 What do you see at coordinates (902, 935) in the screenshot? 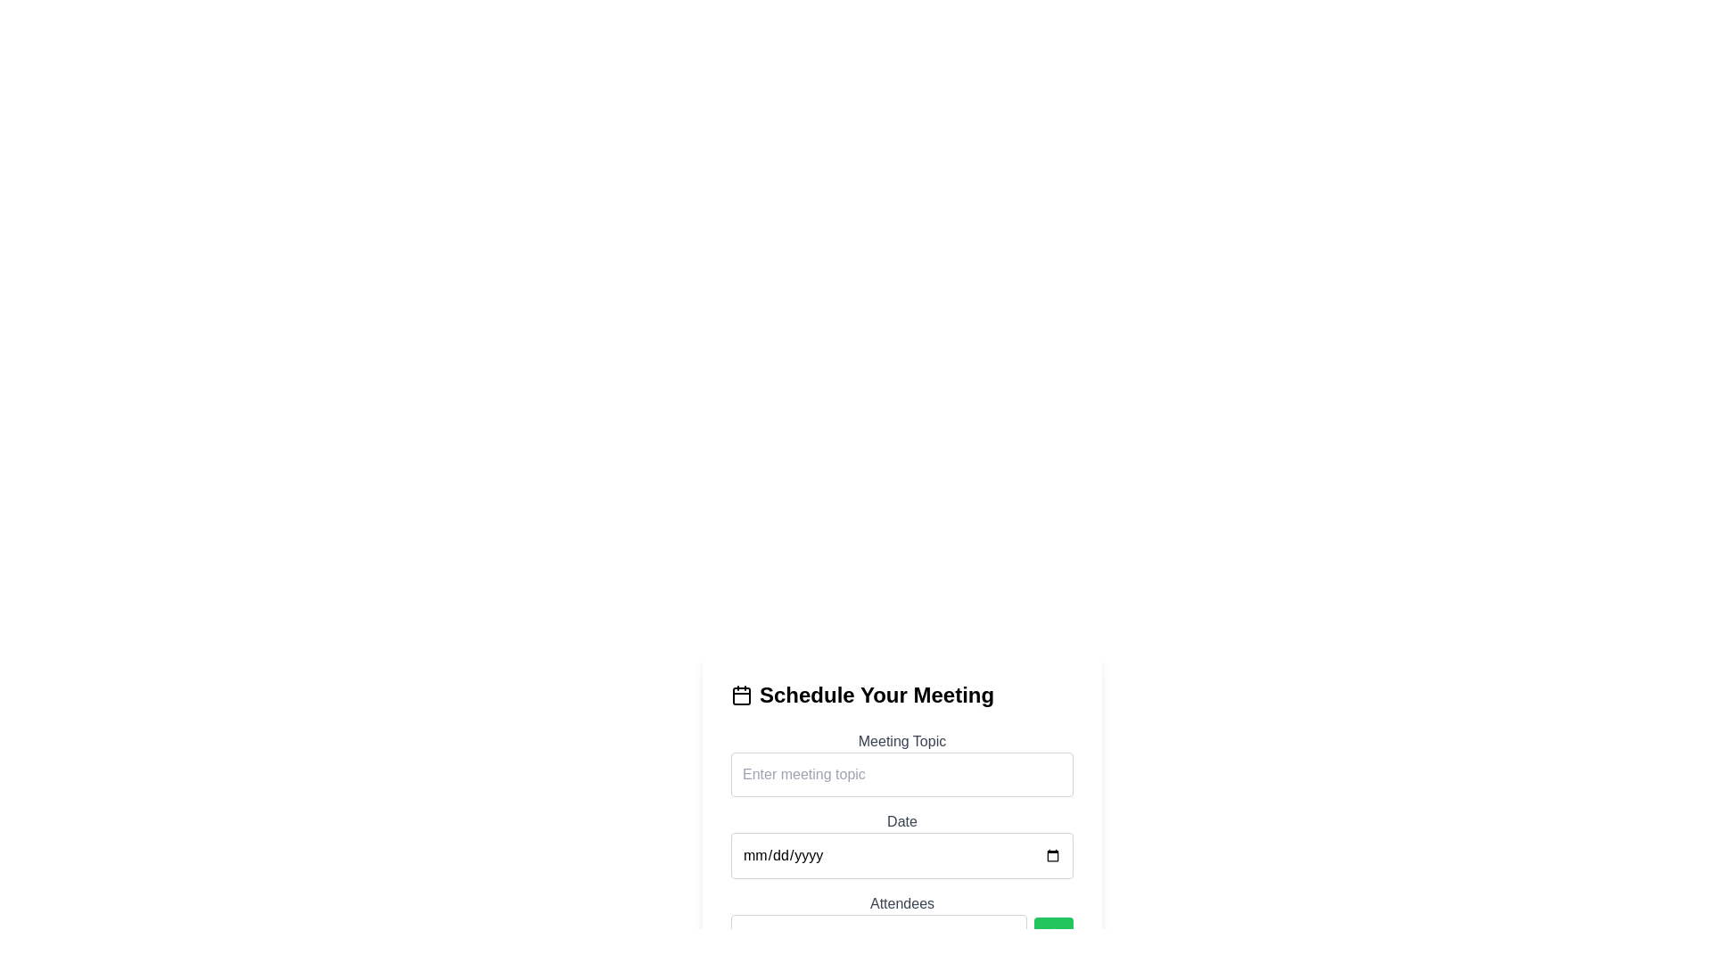
I see `the button in the compound component for adding attendees' email addresses, located to the right of the input field below the 'Attendees' subheading` at bounding box center [902, 935].